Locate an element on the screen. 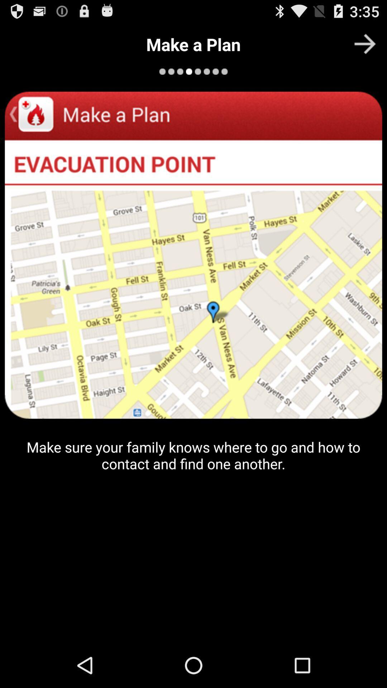 This screenshot has width=387, height=688. next is located at coordinates (365, 43).